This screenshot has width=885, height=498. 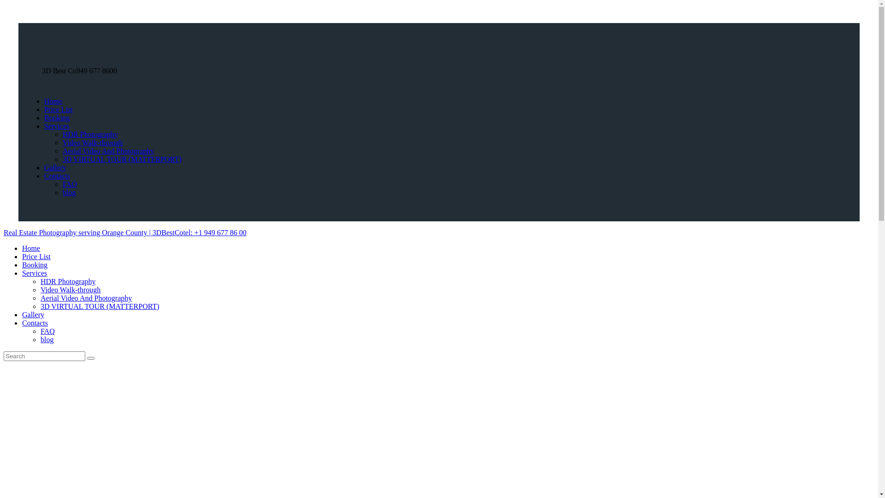 What do you see at coordinates (58, 109) in the screenshot?
I see `'Price List'` at bounding box center [58, 109].